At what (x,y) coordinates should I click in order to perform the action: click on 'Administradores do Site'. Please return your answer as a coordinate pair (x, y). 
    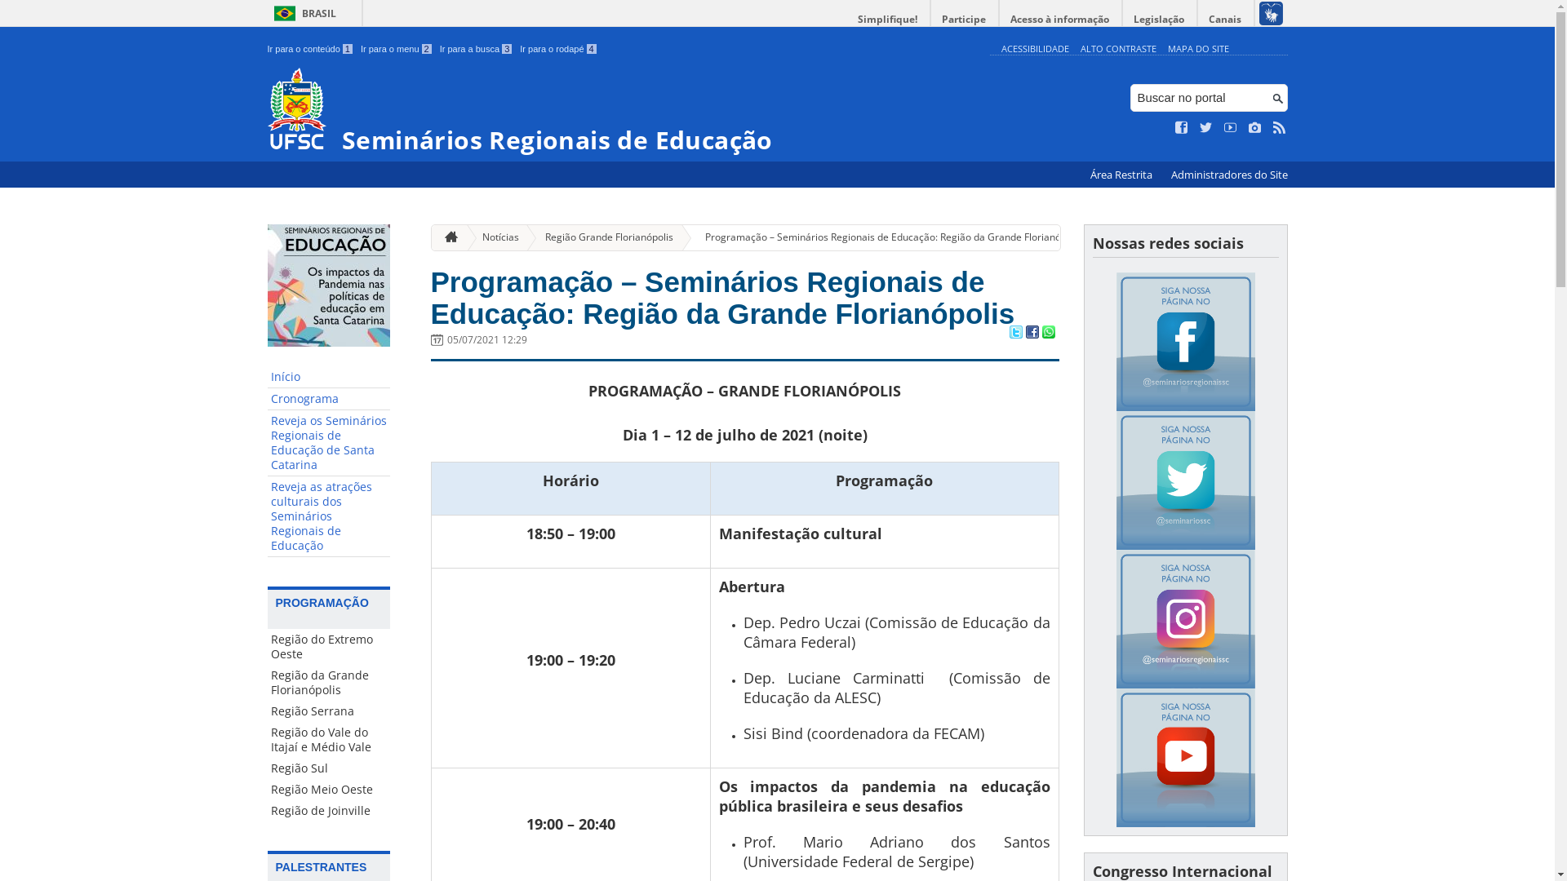
    Looking at the image, I should click on (1228, 175).